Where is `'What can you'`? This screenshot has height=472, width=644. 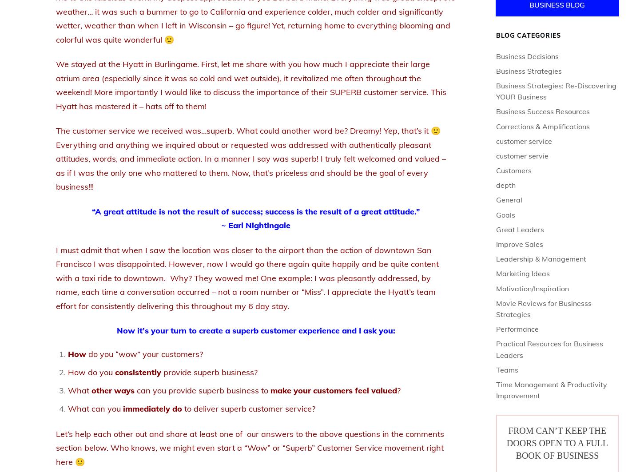
'What can you' is located at coordinates (95, 408).